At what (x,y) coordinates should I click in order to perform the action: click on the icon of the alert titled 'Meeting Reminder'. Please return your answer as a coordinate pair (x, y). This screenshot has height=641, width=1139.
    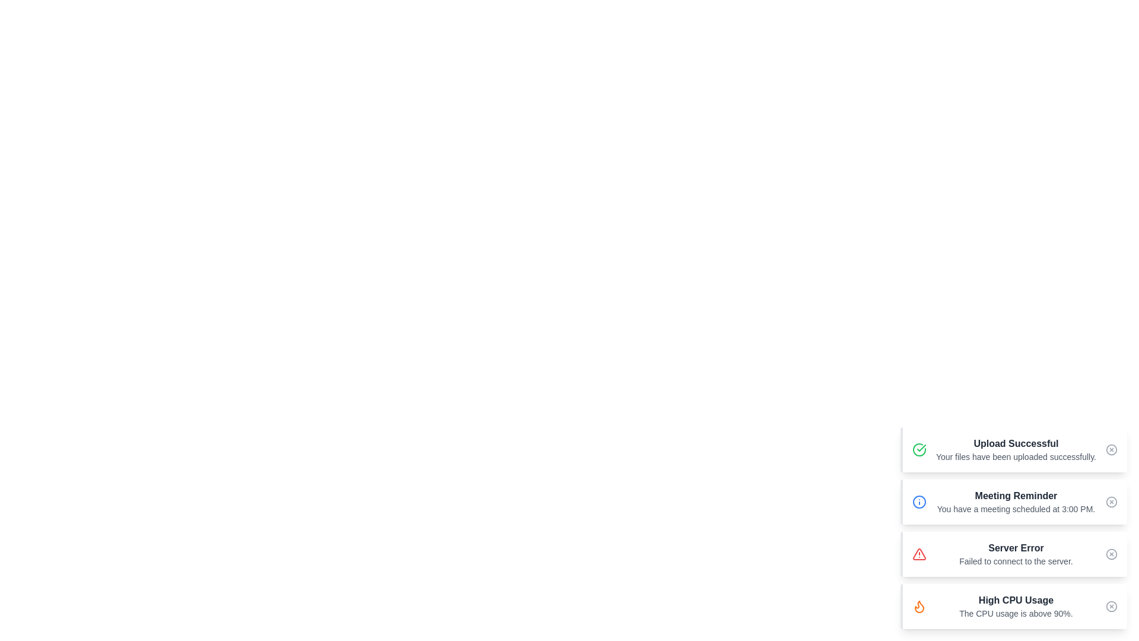
    Looking at the image, I should click on (919, 502).